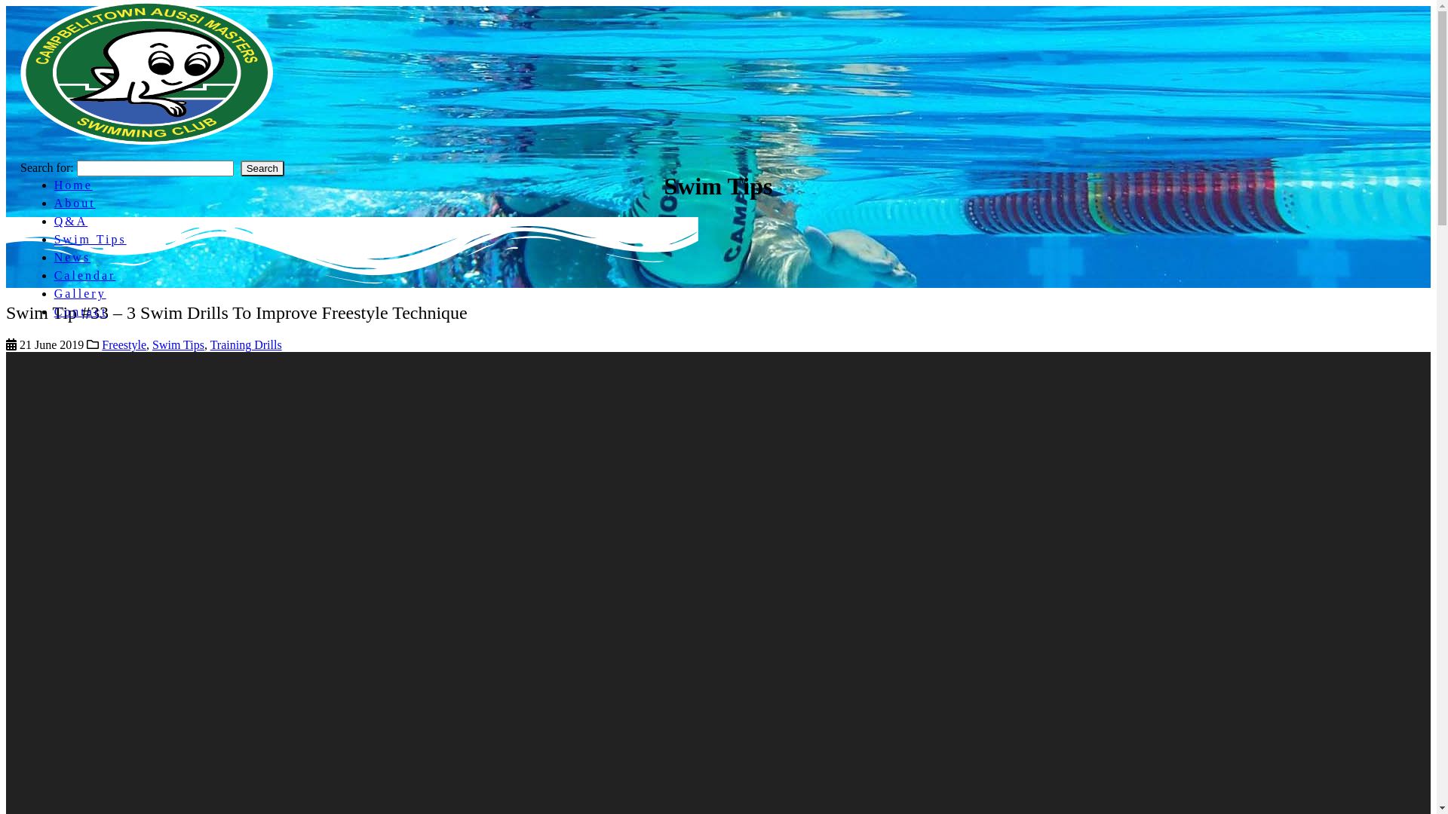  I want to click on 'Training Drills', so click(209, 344).